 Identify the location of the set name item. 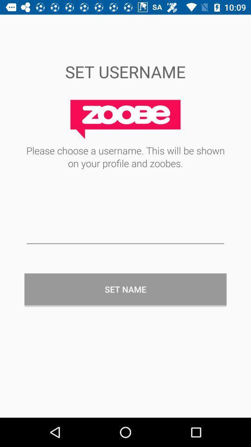
(125, 289).